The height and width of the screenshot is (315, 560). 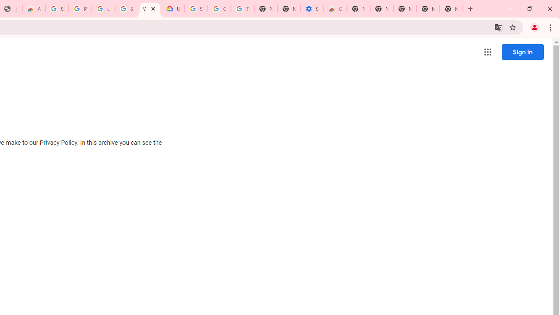 What do you see at coordinates (56, 9) in the screenshot?
I see `'Sign in - Google Accounts'` at bounding box center [56, 9].